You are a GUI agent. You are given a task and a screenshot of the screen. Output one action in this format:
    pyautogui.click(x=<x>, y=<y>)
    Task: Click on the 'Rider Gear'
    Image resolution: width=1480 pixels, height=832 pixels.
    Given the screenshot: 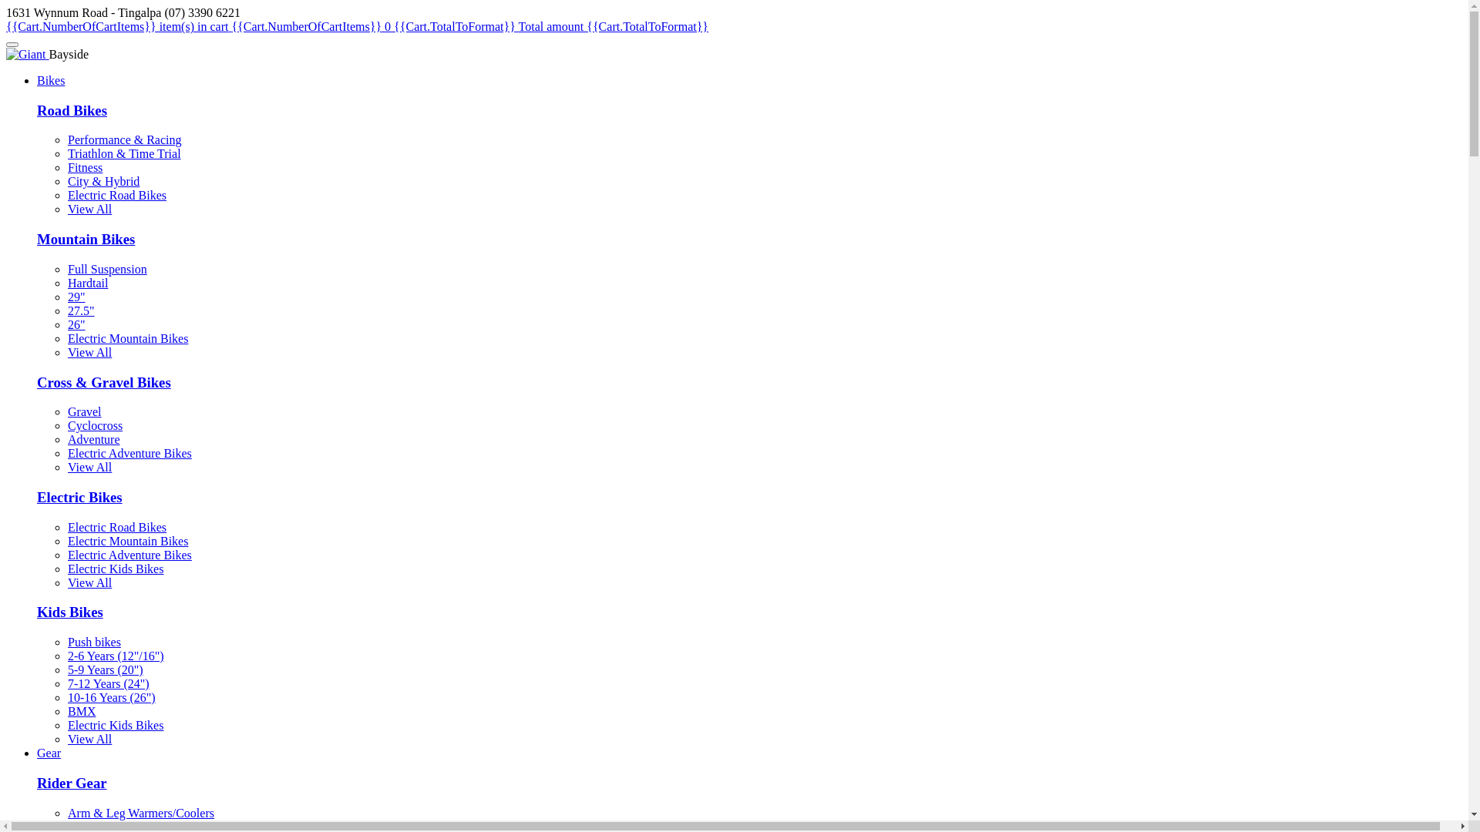 What is the action you would take?
    pyautogui.click(x=71, y=783)
    